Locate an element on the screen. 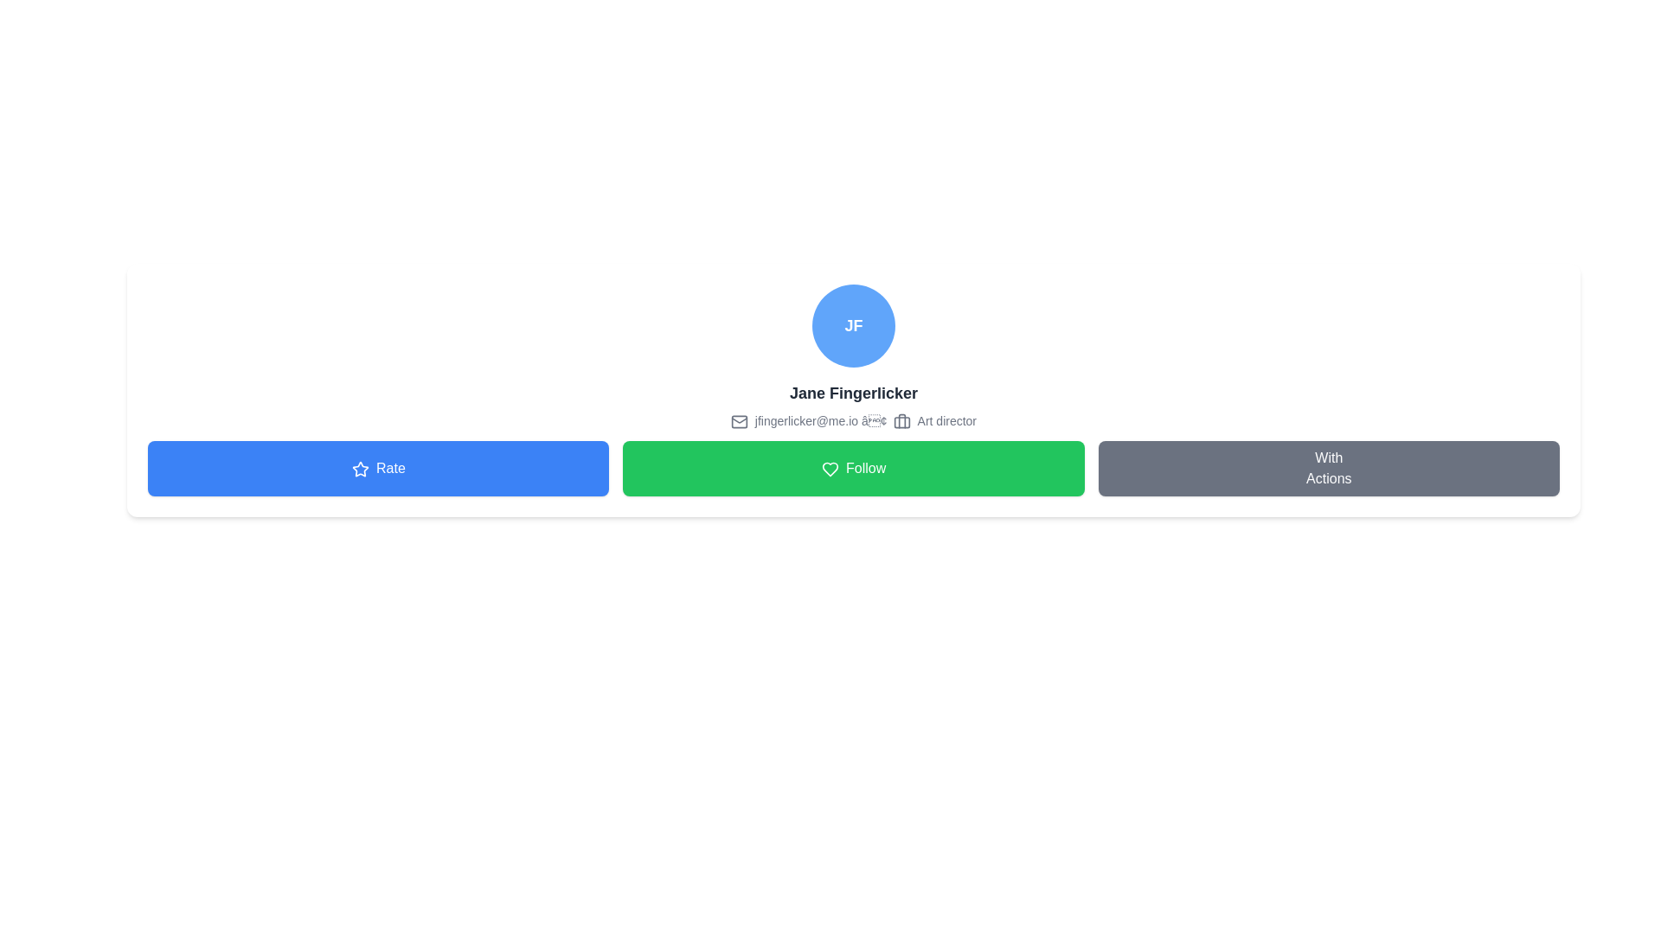 The image size is (1661, 934). the heart-shaped icon outlined with a green fill, located to the left of the text 'Follow' on the green button is located at coordinates (829, 470).